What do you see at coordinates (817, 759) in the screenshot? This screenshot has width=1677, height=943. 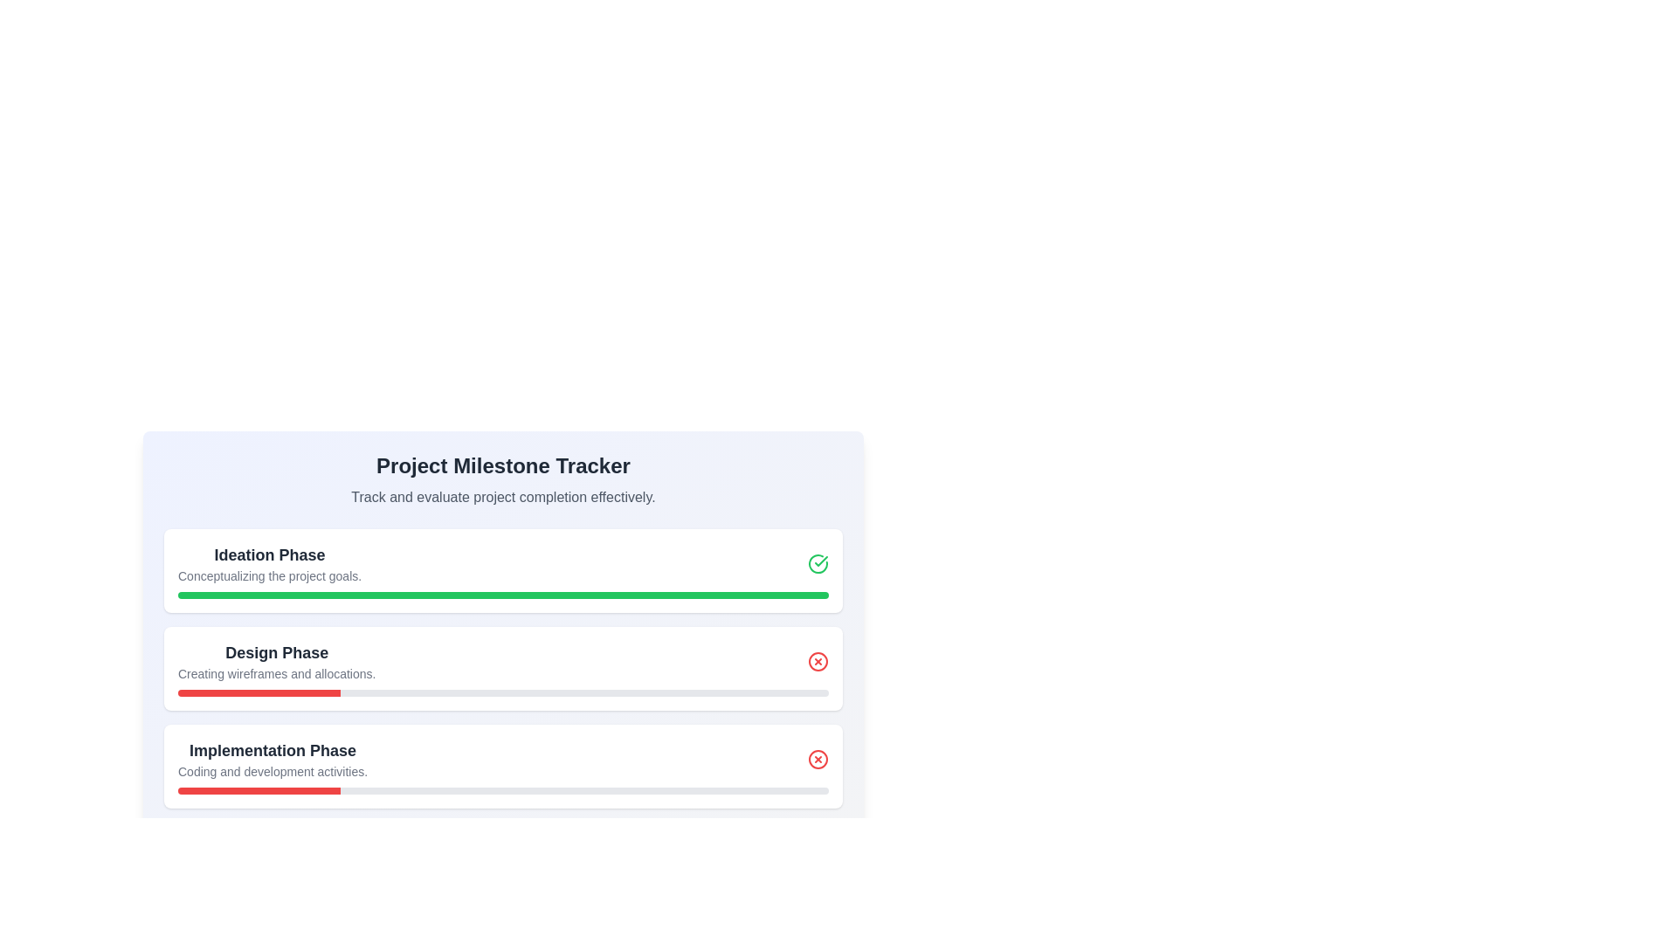 I see `the Circle element indicating an error or cancellation state, which is part of an SVG graphic located at the bottom of the interface aligned with the 'Implementation Phase' milestone` at bounding box center [817, 759].